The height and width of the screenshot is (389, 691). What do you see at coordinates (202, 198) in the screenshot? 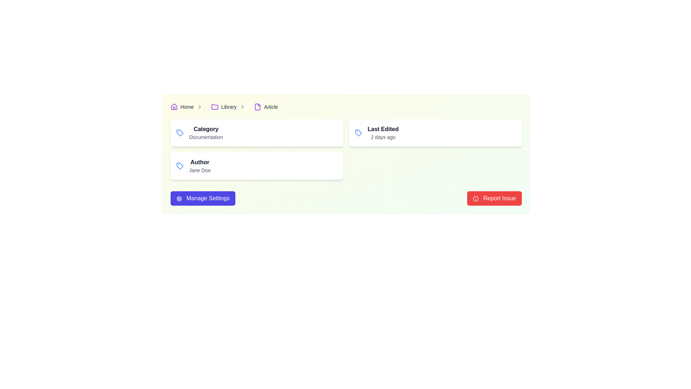
I see `the 'Manage Settings' button which is a rectangular button with a dark indigo background and white text, located in the lower-left side of the panel` at bounding box center [202, 198].